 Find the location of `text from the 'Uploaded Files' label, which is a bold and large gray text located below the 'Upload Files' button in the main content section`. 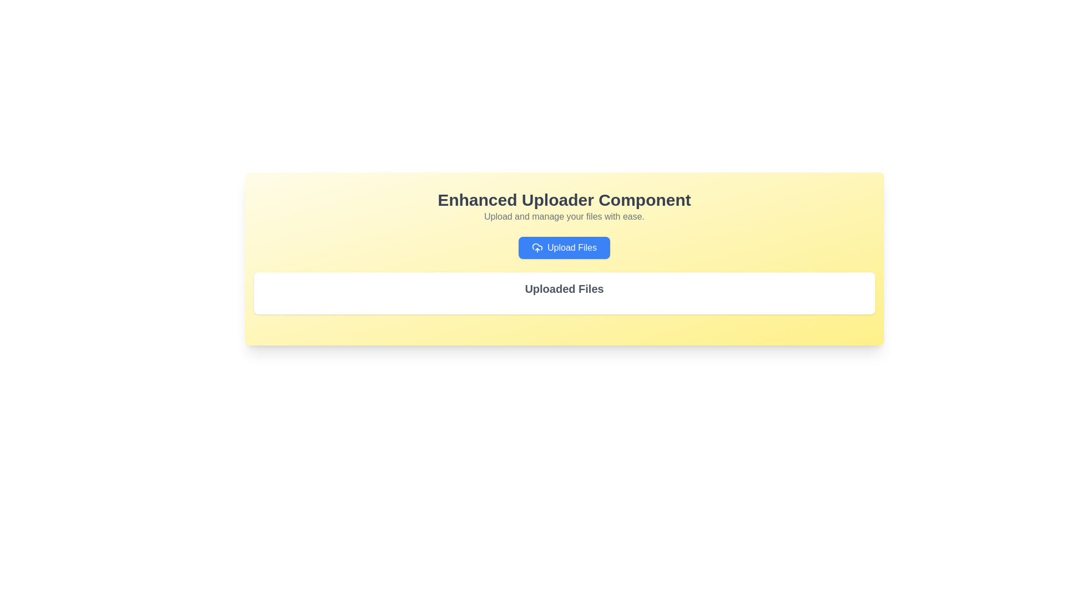

text from the 'Uploaded Files' label, which is a bold and large gray text located below the 'Upload Files' button in the main content section is located at coordinates (564, 288).